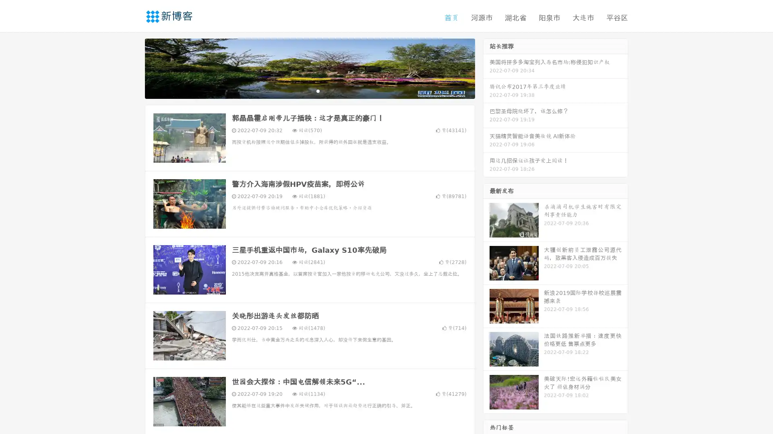  I want to click on Previous slide, so click(133, 68).